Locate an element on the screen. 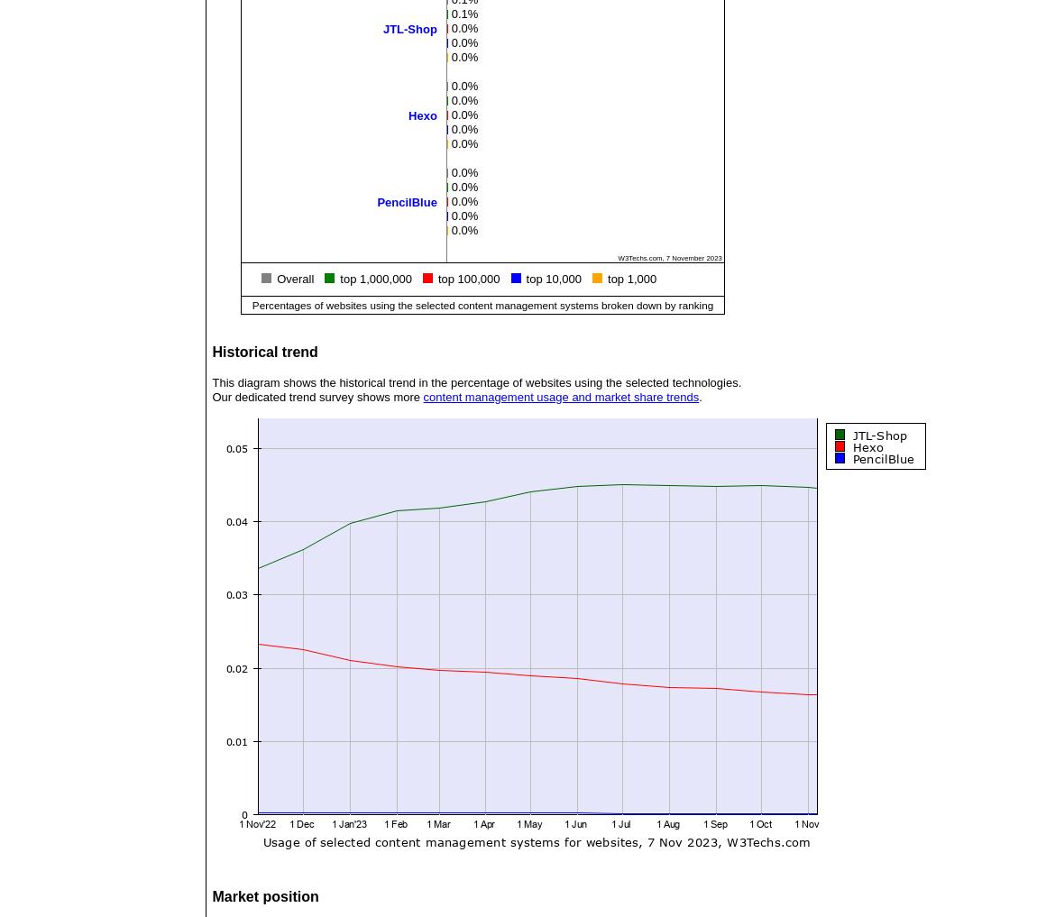 The image size is (1037, 917). 'Historical trend' is located at coordinates (264, 351).